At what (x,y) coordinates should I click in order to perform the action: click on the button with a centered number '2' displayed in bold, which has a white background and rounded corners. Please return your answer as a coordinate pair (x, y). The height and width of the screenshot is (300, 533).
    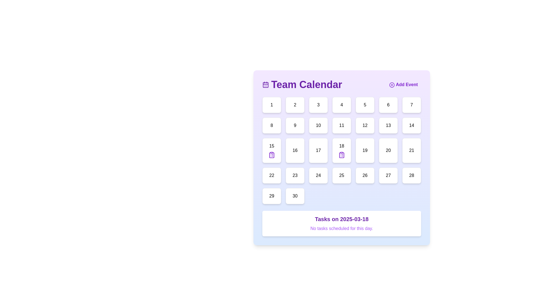
    Looking at the image, I should click on (295, 105).